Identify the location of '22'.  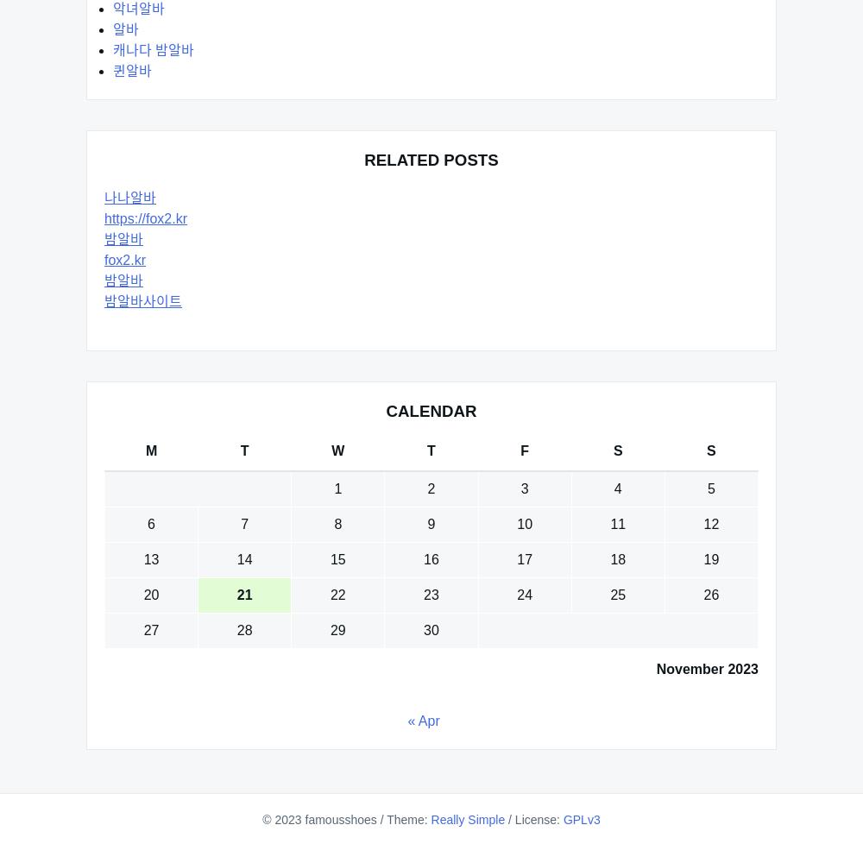
(337, 595).